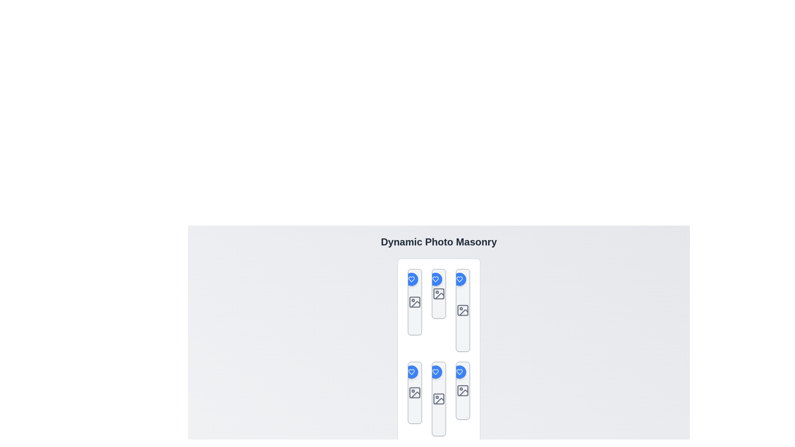  Describe the element at coordinates (438, 293) in the screenshot. I see `the image placeholder located in the first row, second column of the 3-column grid in the 'Dynamic Photo Masonry' section` at that location.